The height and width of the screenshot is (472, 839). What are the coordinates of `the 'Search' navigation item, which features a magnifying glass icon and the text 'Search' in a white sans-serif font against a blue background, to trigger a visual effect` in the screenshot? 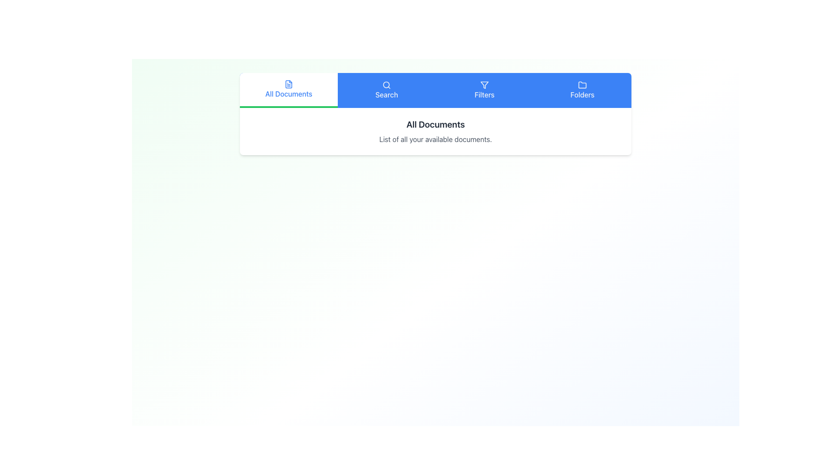 It's located at (386, 90).